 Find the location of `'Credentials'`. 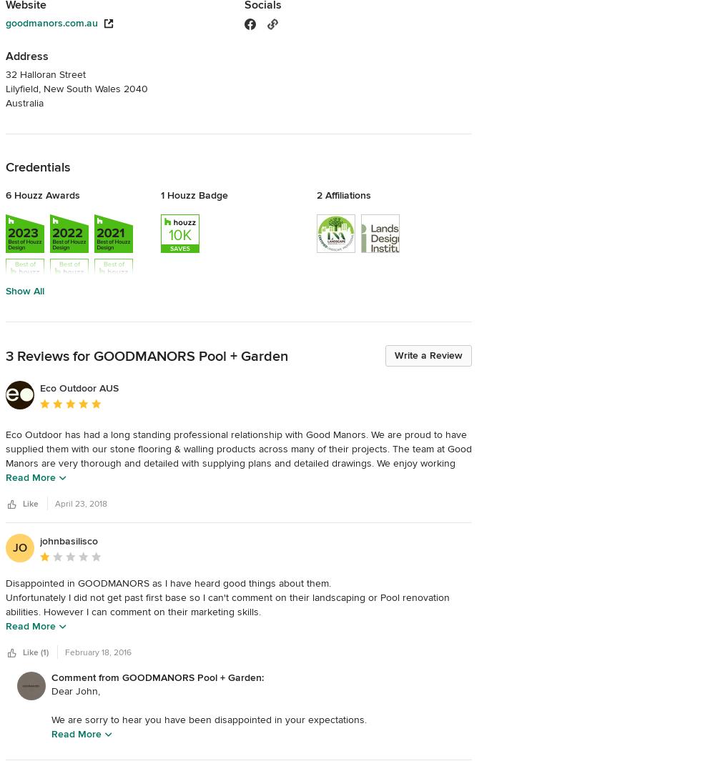

'Credentials' is located at coordinates (38, 166).